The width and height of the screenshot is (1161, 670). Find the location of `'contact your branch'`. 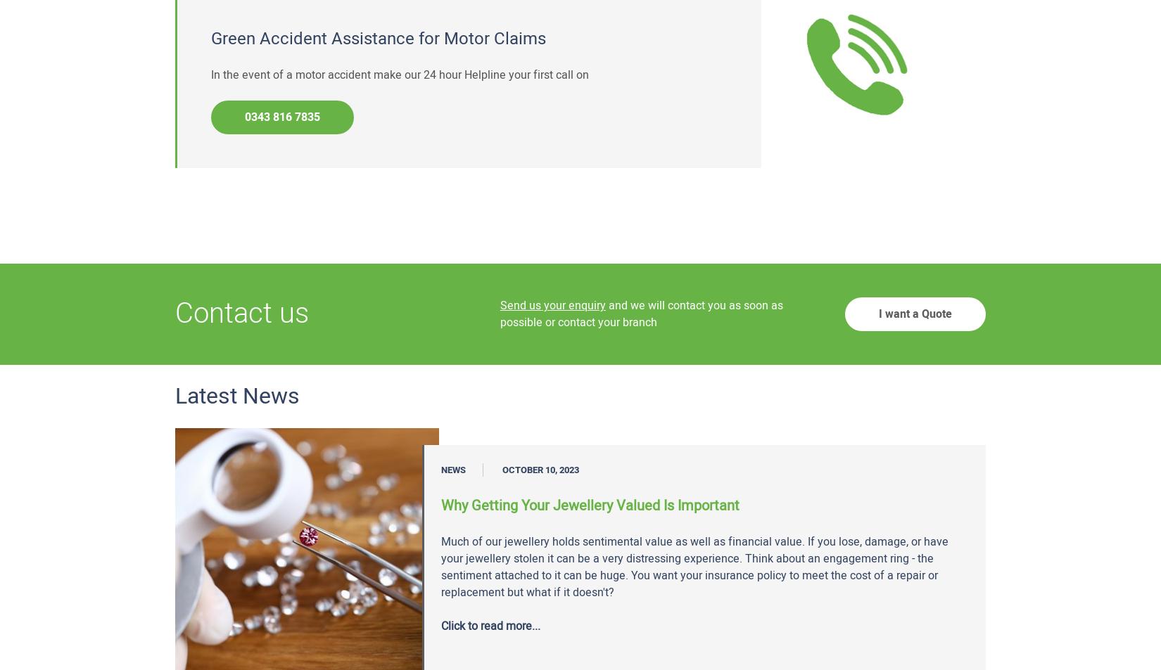

'contact your branch' is located at coordinates (607, 321).